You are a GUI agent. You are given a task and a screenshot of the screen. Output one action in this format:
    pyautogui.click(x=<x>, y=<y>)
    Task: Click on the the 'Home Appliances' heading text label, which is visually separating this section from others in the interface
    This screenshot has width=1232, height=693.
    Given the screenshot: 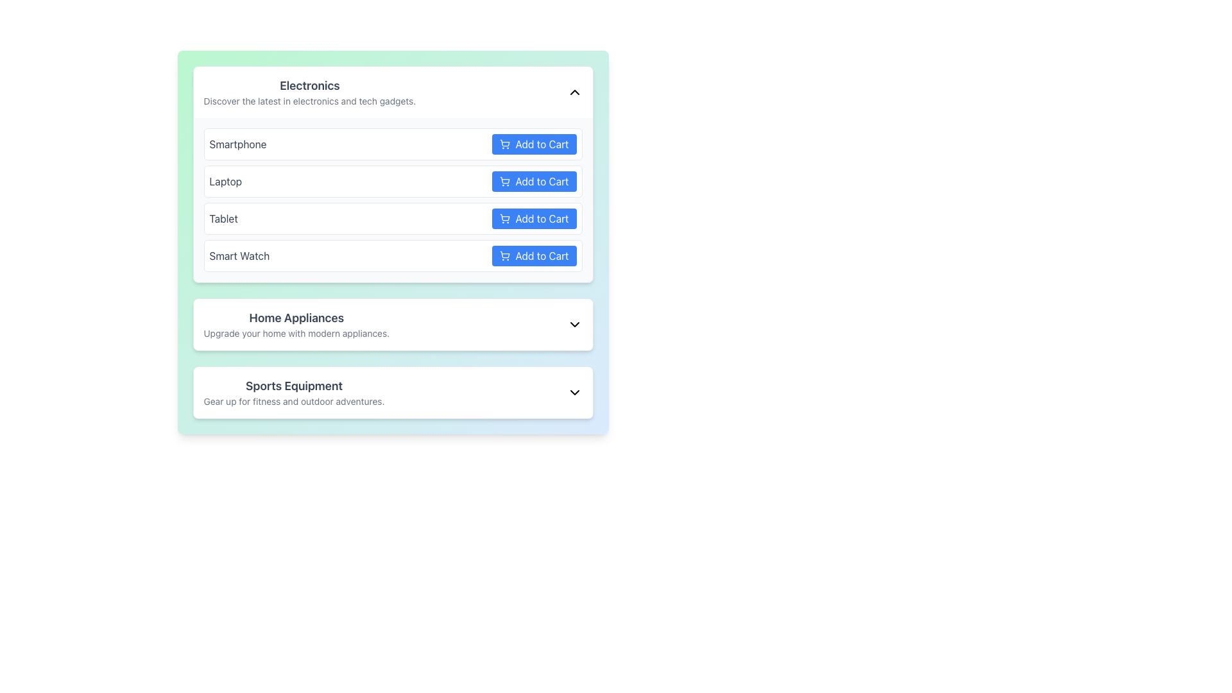 What is the action you would take?
    pyautogui.click(x=296, y=318)
    